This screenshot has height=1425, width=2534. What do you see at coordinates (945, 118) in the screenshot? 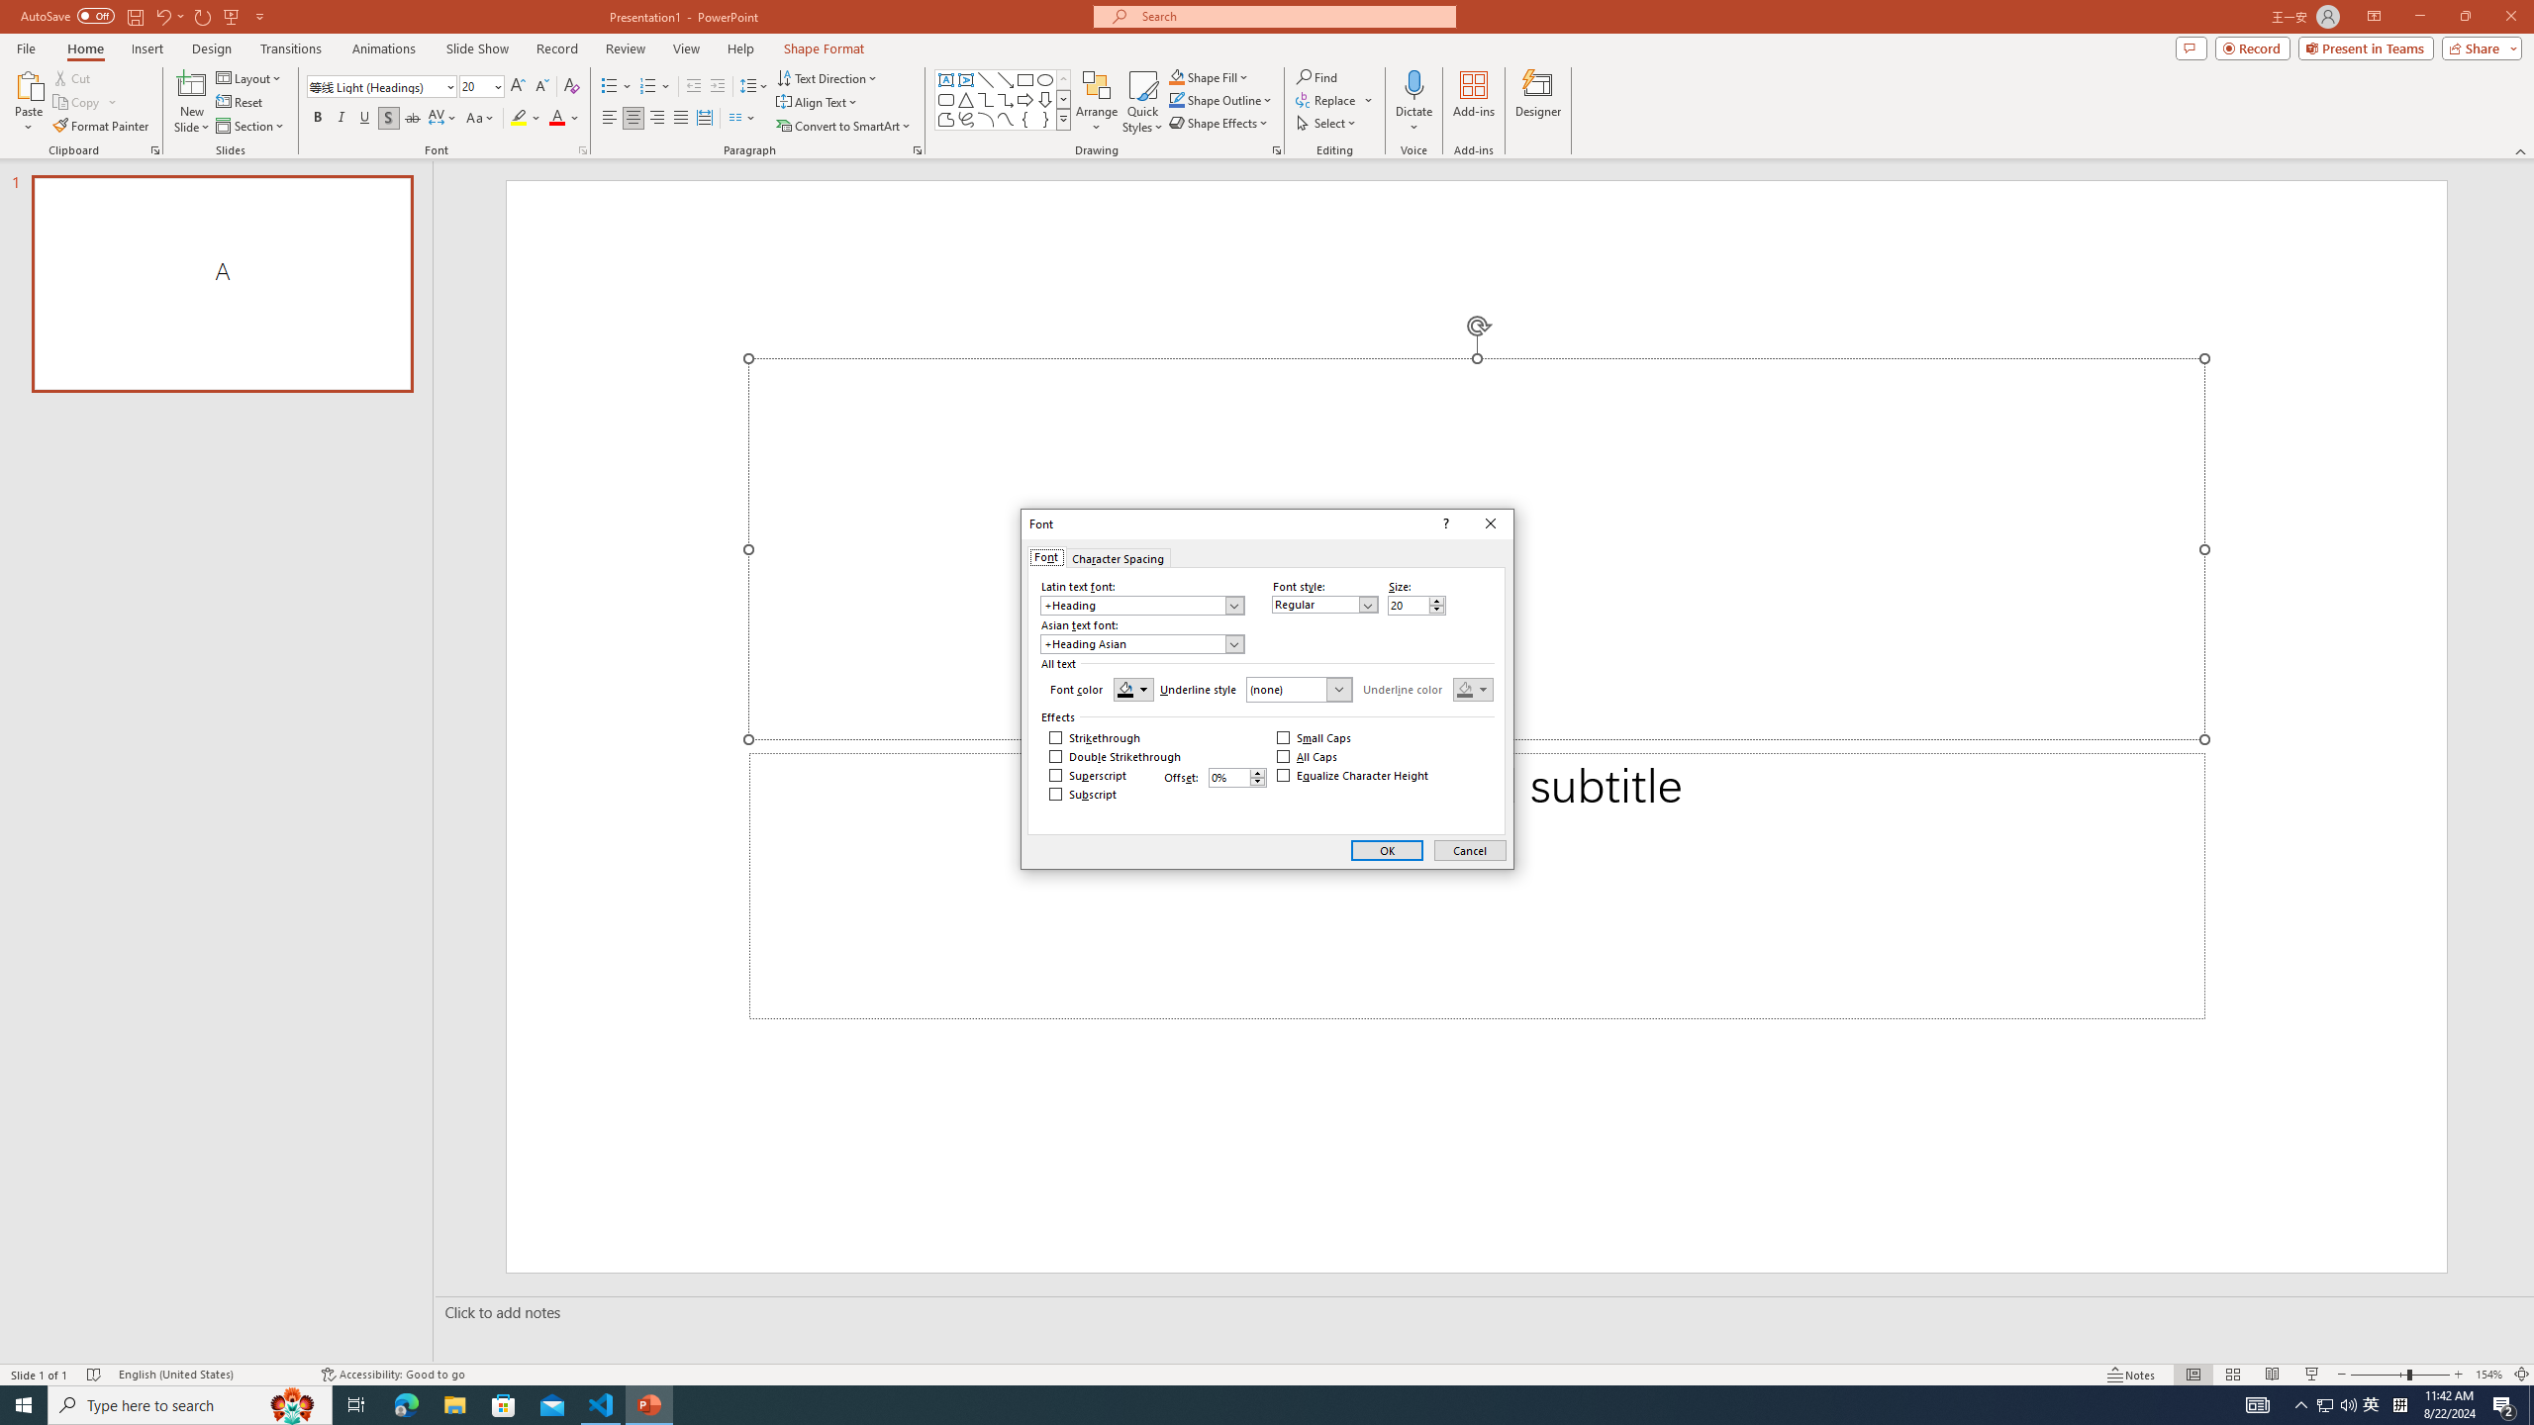
I see `'Freeform: Shape'` at bounding box center [945, 118].